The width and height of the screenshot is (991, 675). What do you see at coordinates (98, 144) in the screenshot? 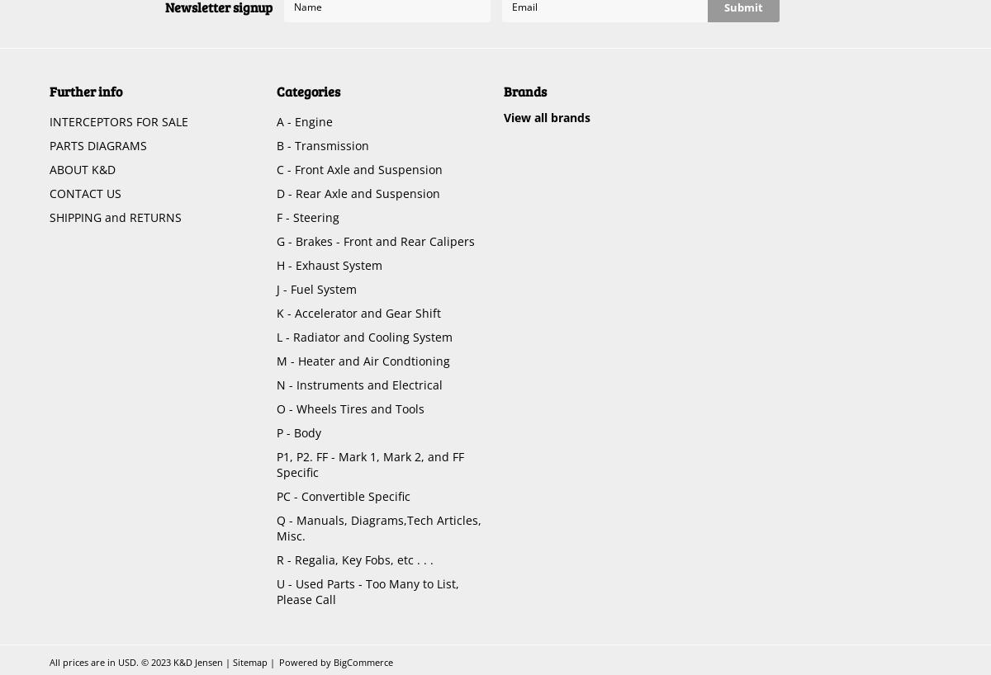
I see `'PARTS DIAGRAMS'` at bounding box center [98, 144].